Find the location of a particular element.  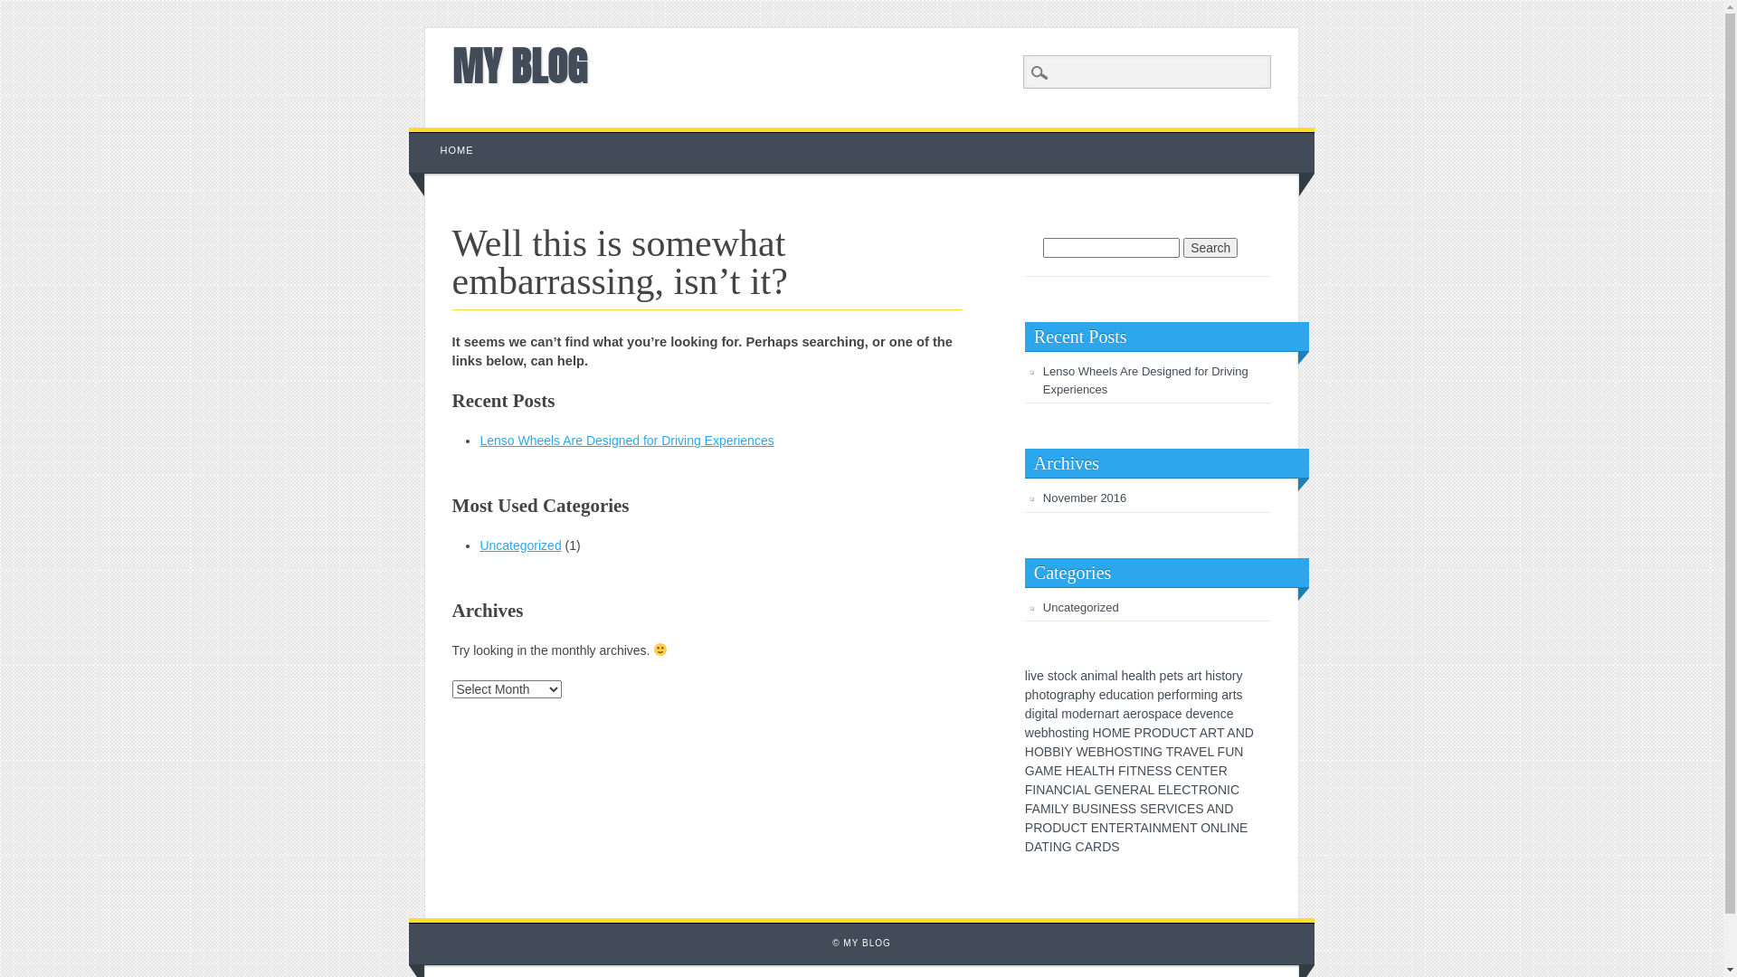

'A' is located at coordinates (1143, 827).